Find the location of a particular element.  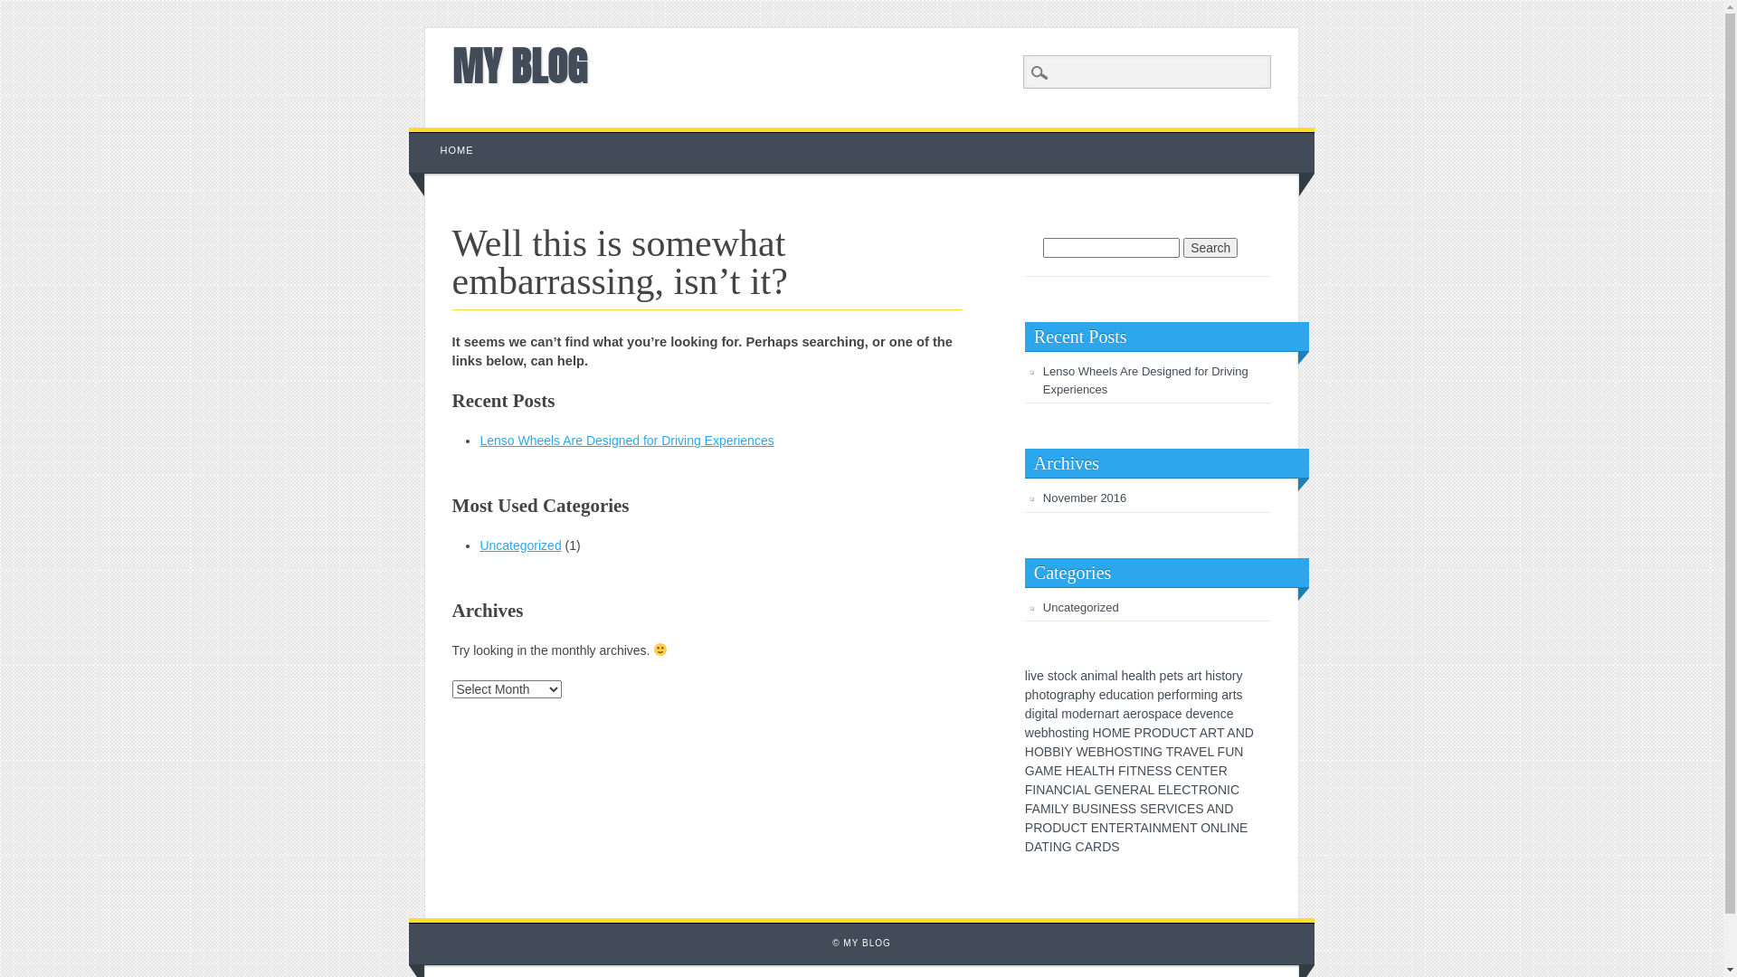

'A' is located at coordinates (1143, 827).